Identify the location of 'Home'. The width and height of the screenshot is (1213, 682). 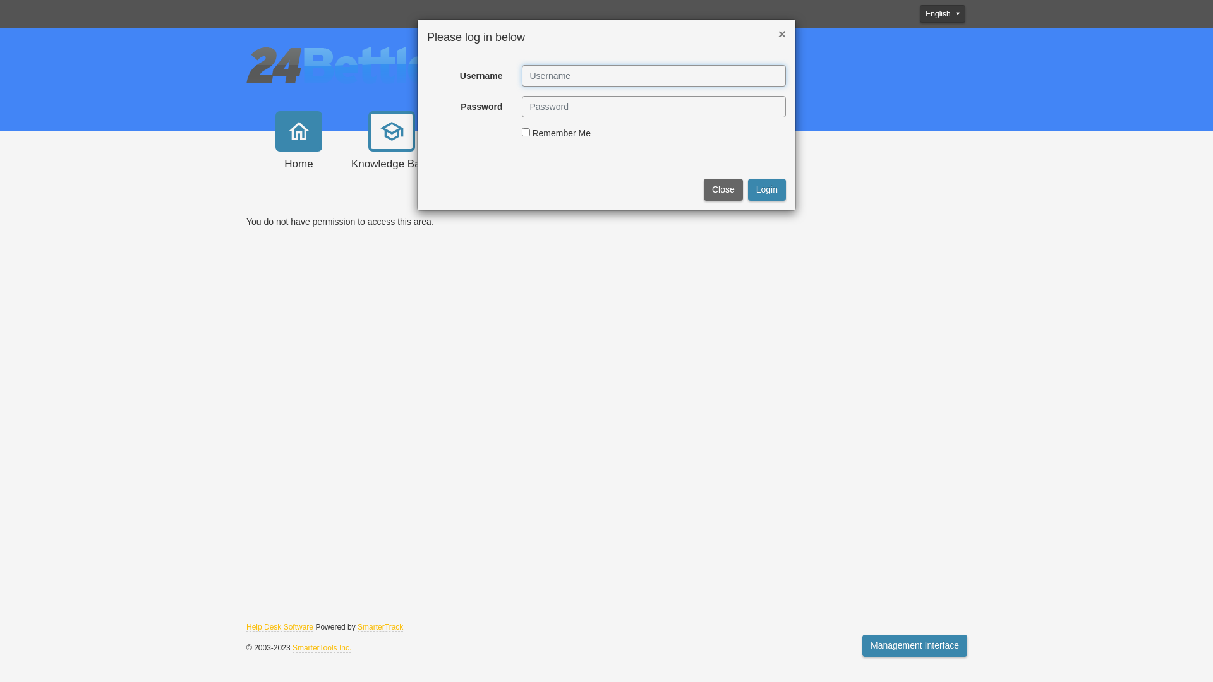
(298, 153).